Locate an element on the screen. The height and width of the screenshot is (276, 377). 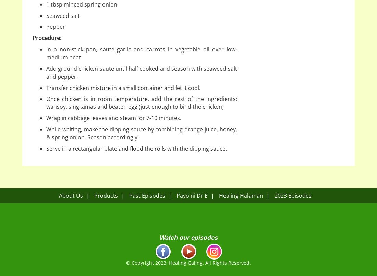
'In a non-stick pan, sauté garlic and carrots in vegetable oil over low-medium heat.' is located at coordinates (141, 53).